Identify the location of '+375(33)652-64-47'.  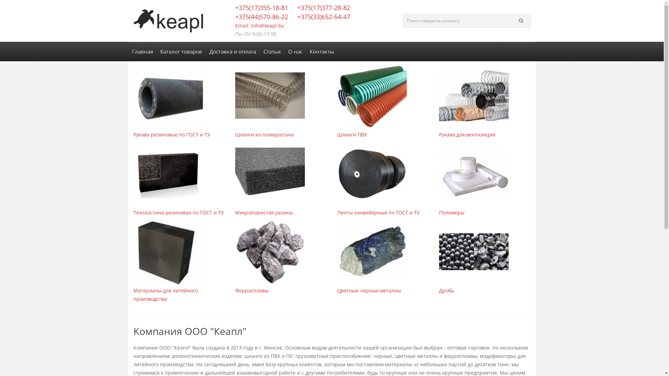
(322, 16).